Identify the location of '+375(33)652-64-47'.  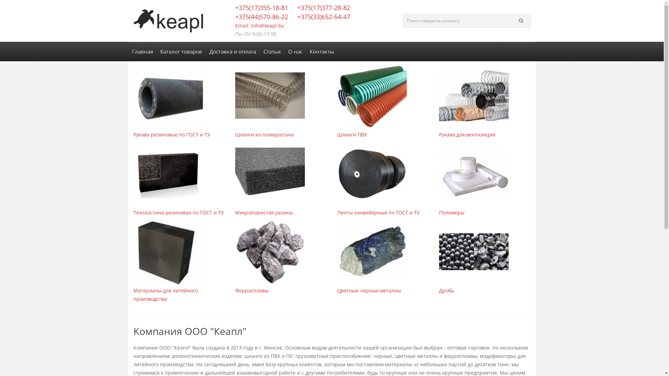
(322, 16).